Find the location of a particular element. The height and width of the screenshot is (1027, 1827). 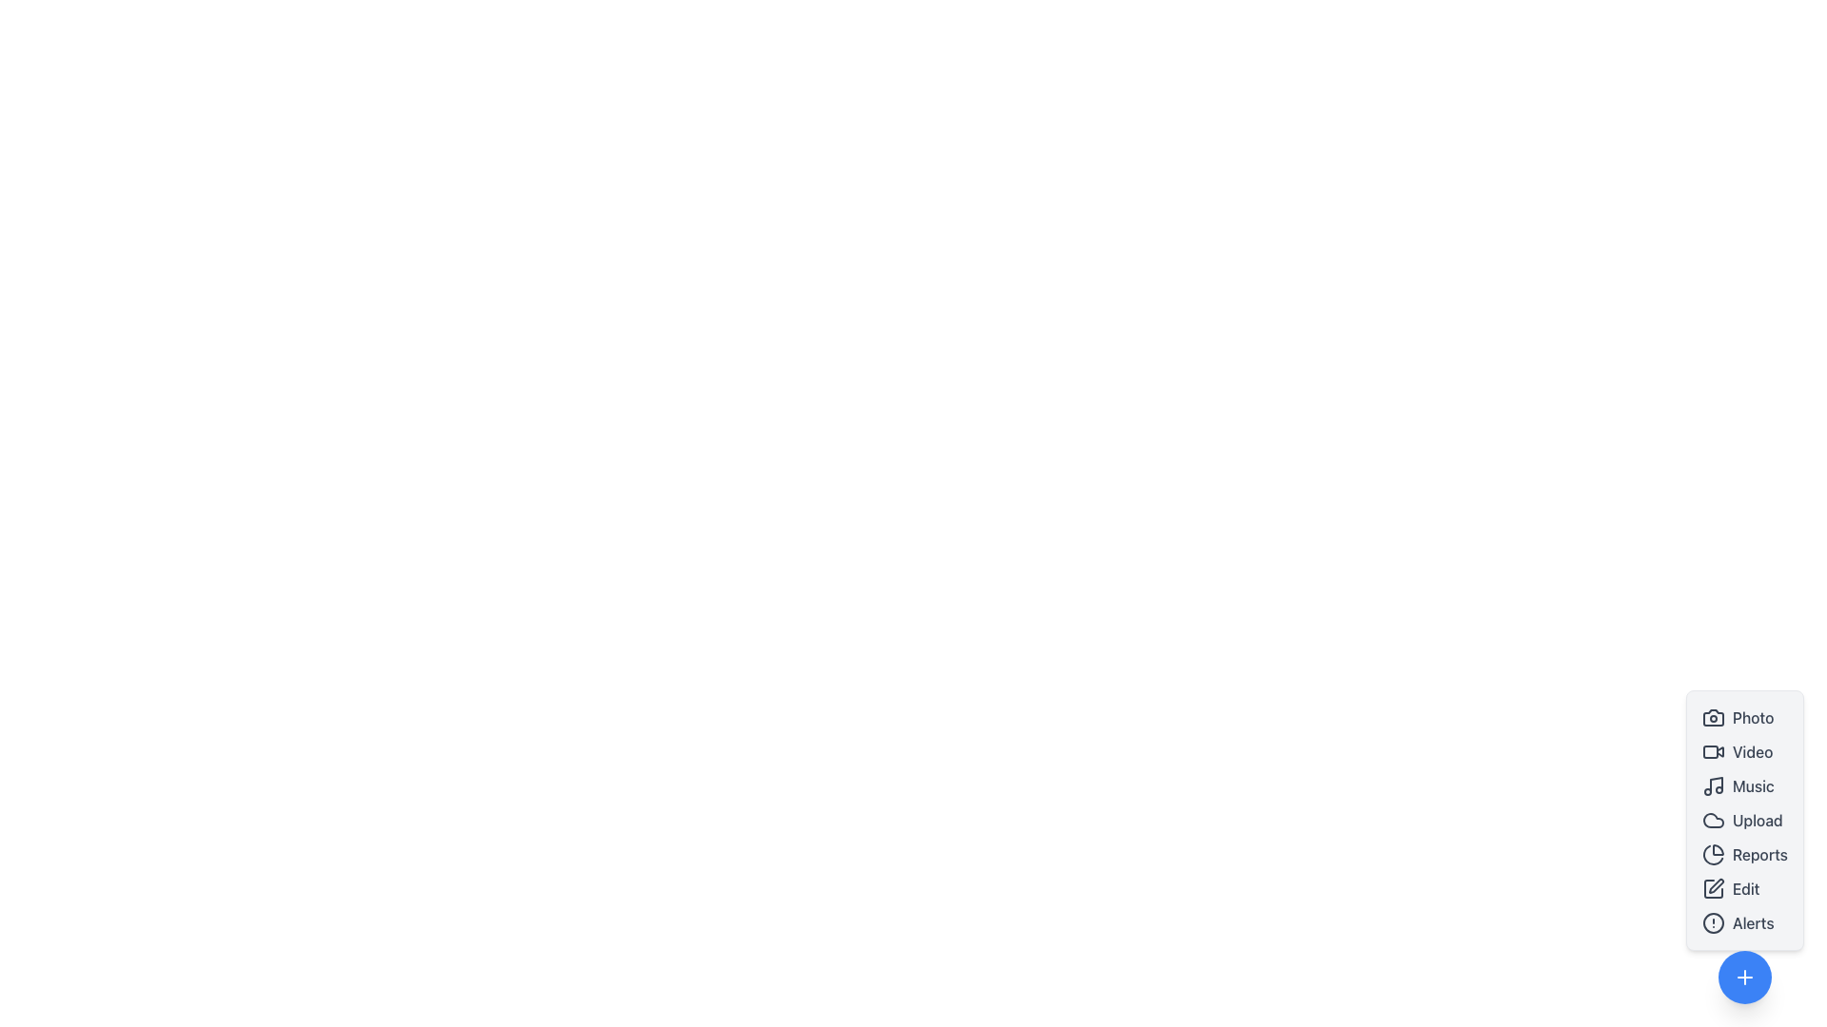

the 'Photo' icon located in the vertical menu, positioned to the left of the 'Photo' label and near the top-right side of the interface is located at coordinates (1713, 718).